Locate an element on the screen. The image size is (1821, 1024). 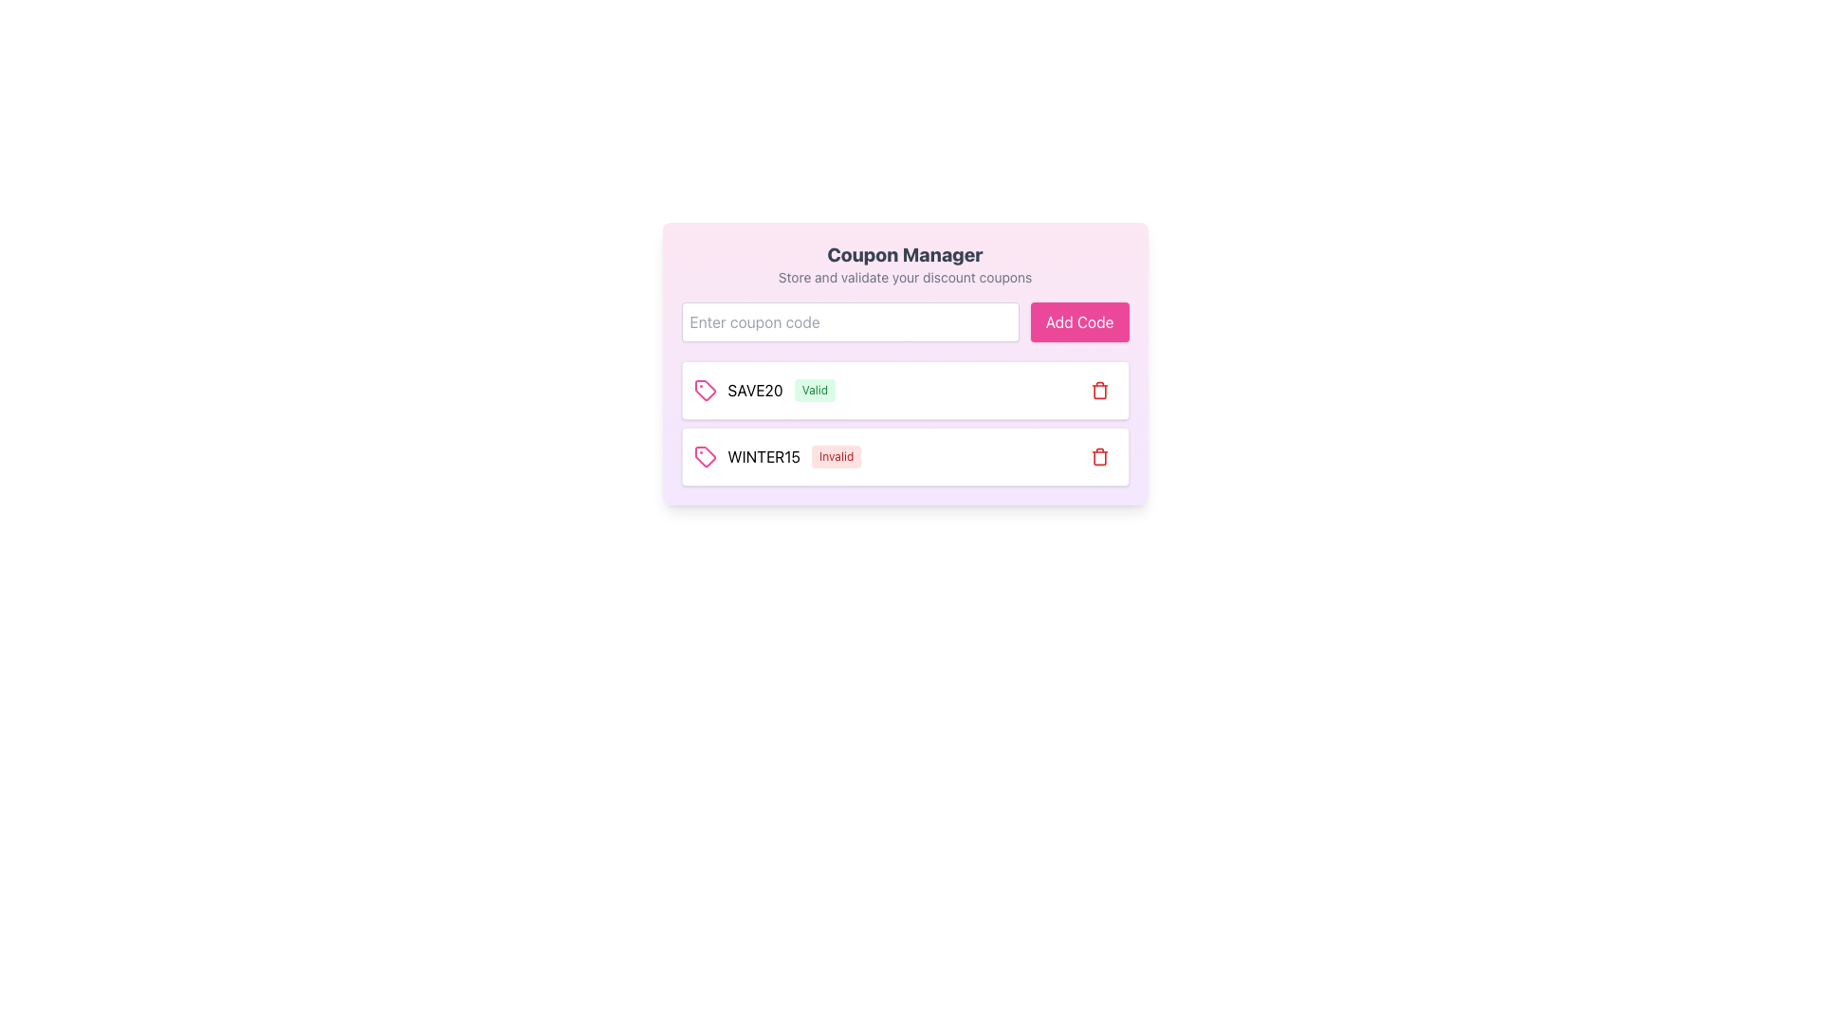
the label displaying the coupon code 'WINTER15' with status 'Invalid' located in the second row of the coupon list is located at coordinates (777, 457).